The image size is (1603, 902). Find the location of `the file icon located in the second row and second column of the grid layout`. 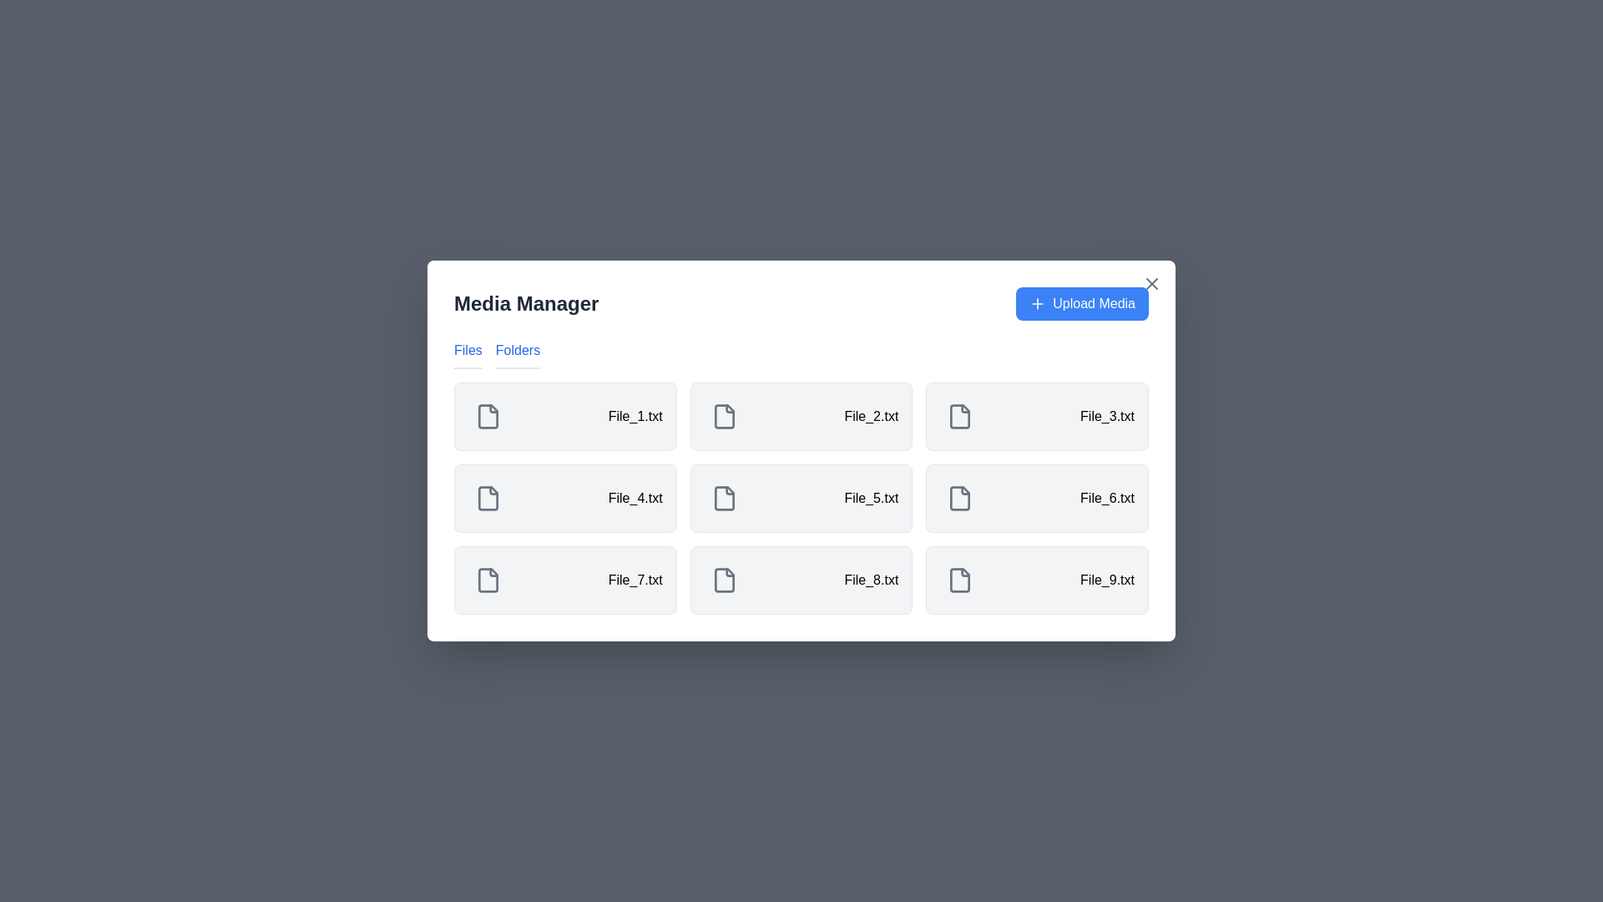

the file icon located in the second row and second column of the grid layout is located at coordinates (724, 498).